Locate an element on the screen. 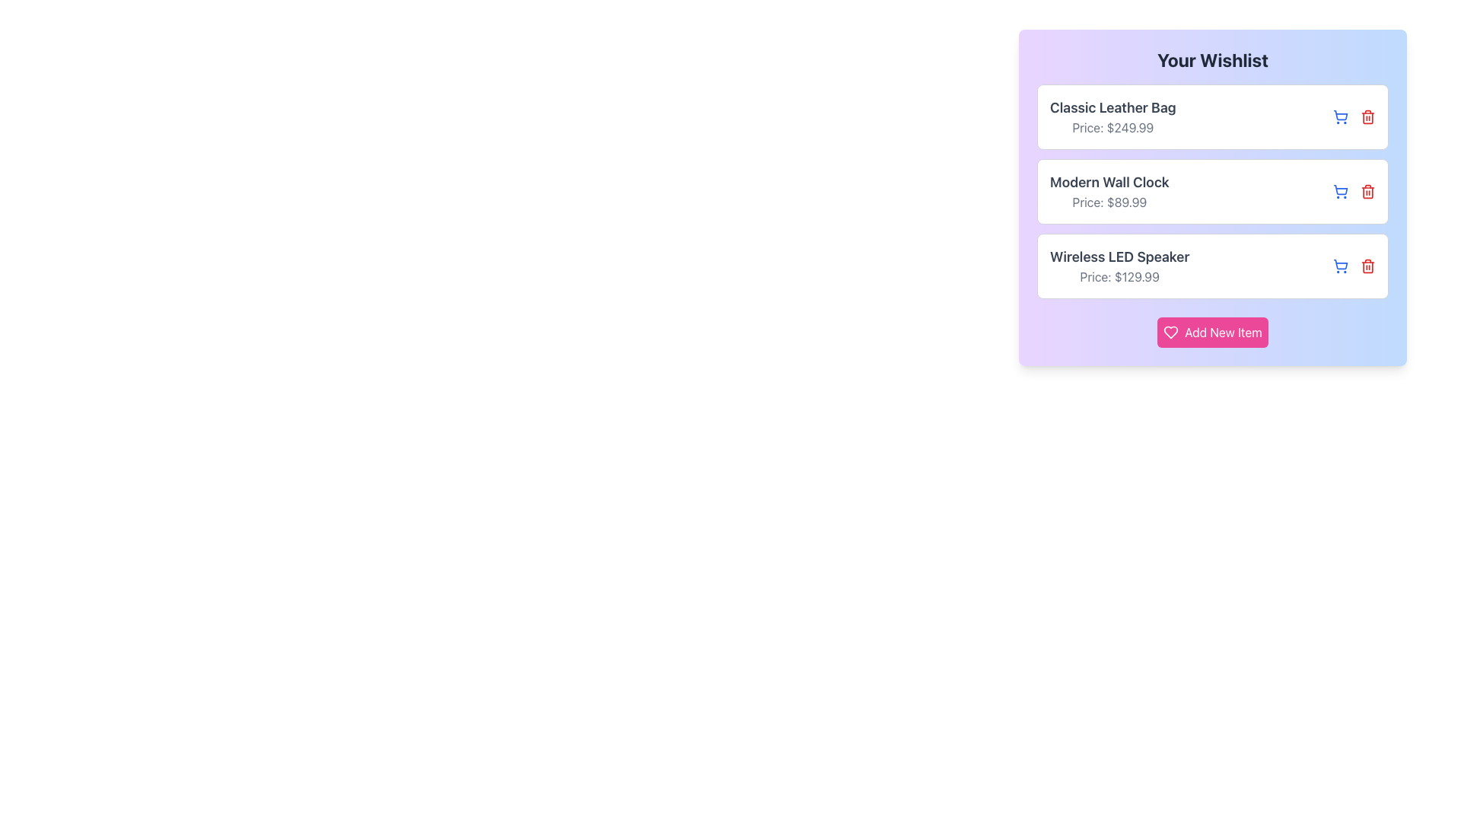  price information displayed in the Text Label for the 'Classic Leather Bag' located below its title in the wishlist interface is located at coordinates (1112, 127).